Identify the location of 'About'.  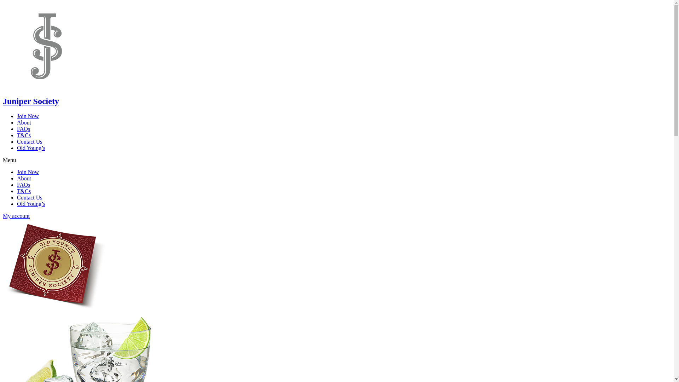
(24, 122).